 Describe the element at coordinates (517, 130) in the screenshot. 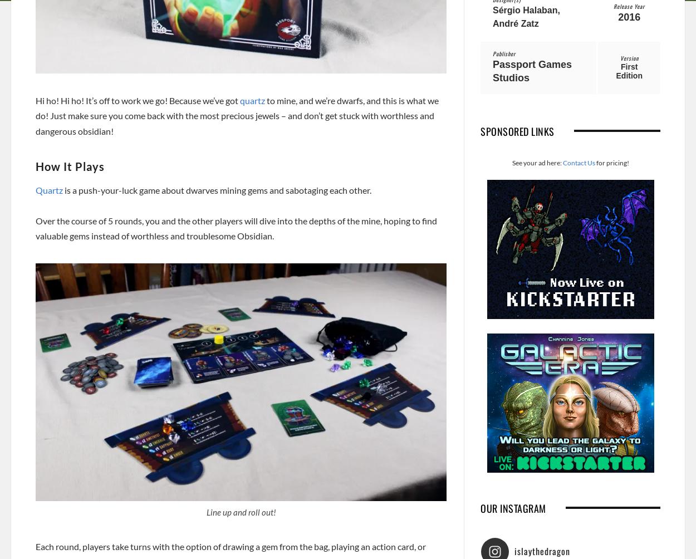

I see `'Sponsored Links'` at that location.